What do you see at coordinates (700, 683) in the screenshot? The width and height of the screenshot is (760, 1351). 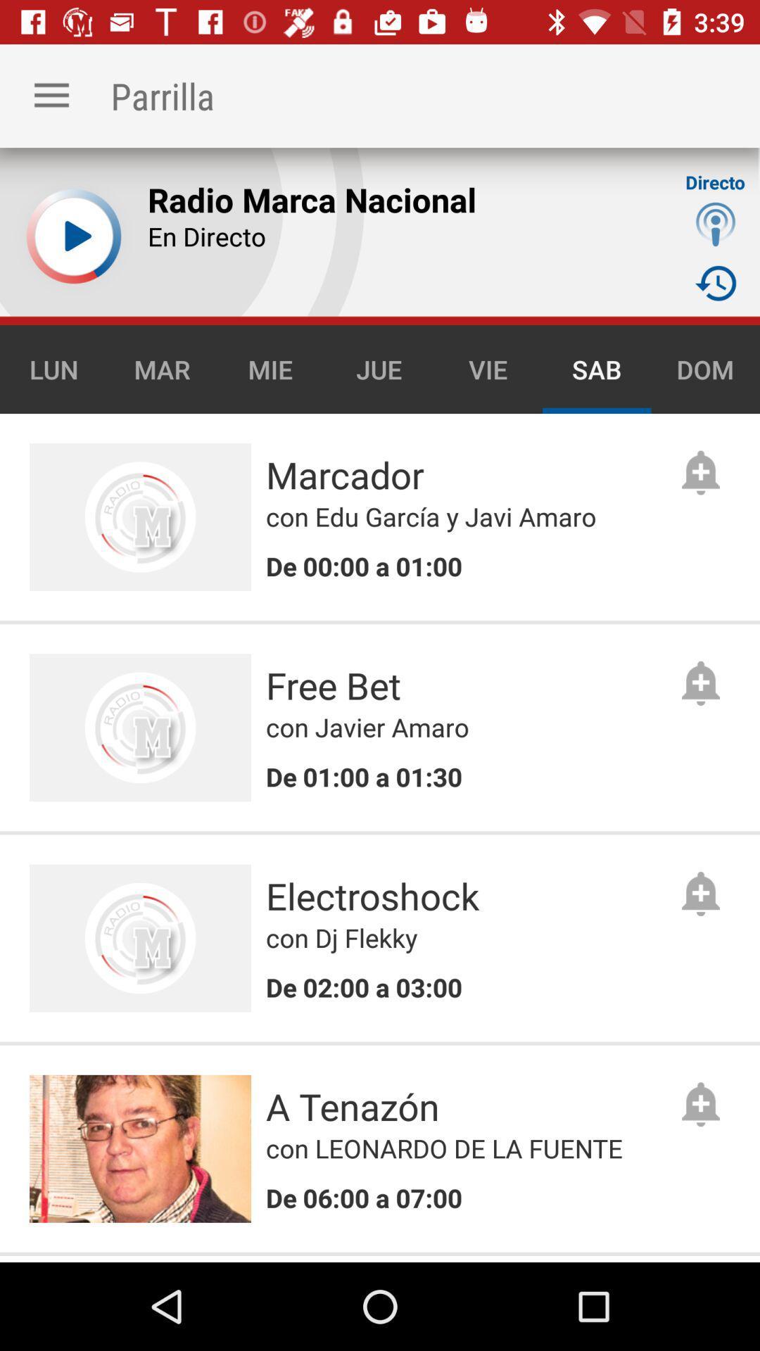 I see `grey icon next to text free bet` at bounding box center [700, 683].